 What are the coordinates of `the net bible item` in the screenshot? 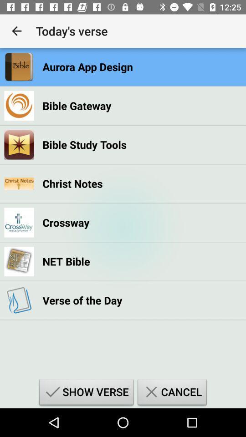 It's located at (66, 261).